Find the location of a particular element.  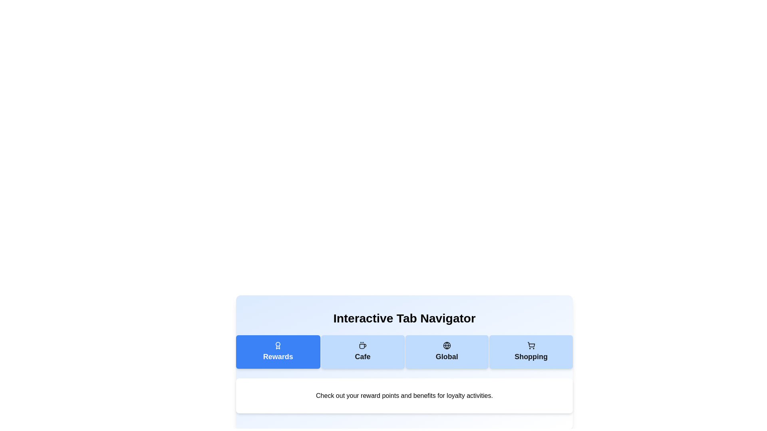

the tab labeled Global to observe its icon is located at coordinates (446, 352).